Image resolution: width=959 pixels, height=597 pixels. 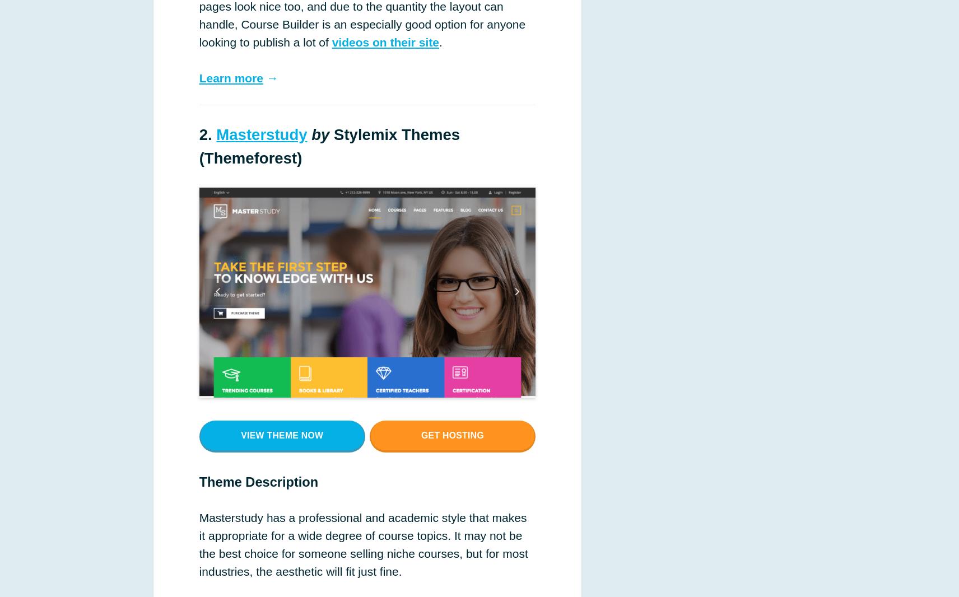 I want to click on '2.', so click(x=199, y=133).